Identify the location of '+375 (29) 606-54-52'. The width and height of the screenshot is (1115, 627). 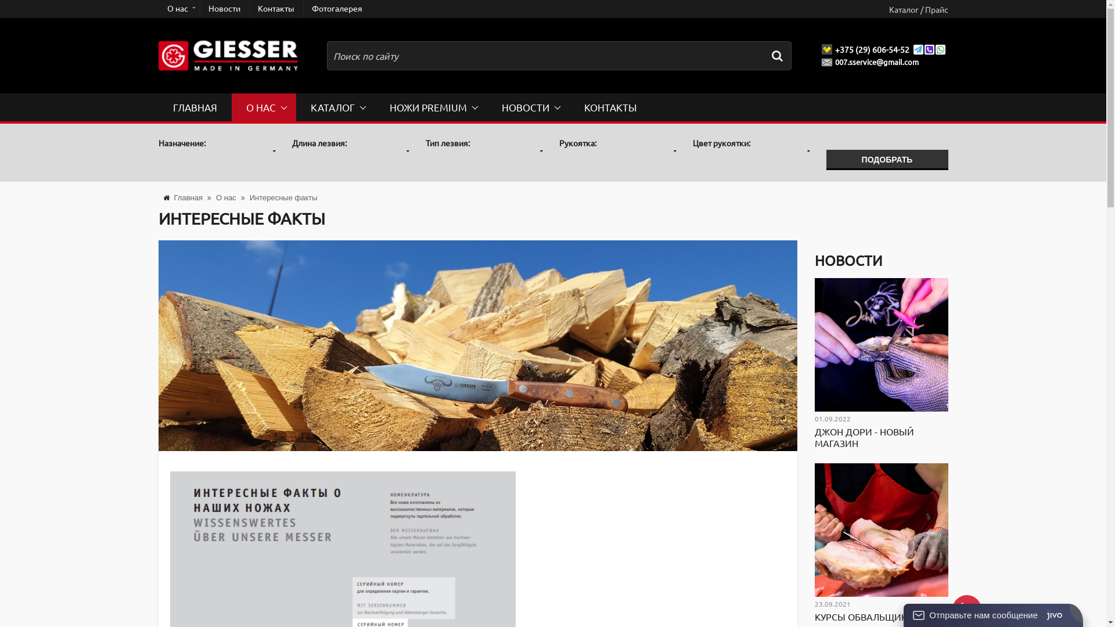
(873, 48).